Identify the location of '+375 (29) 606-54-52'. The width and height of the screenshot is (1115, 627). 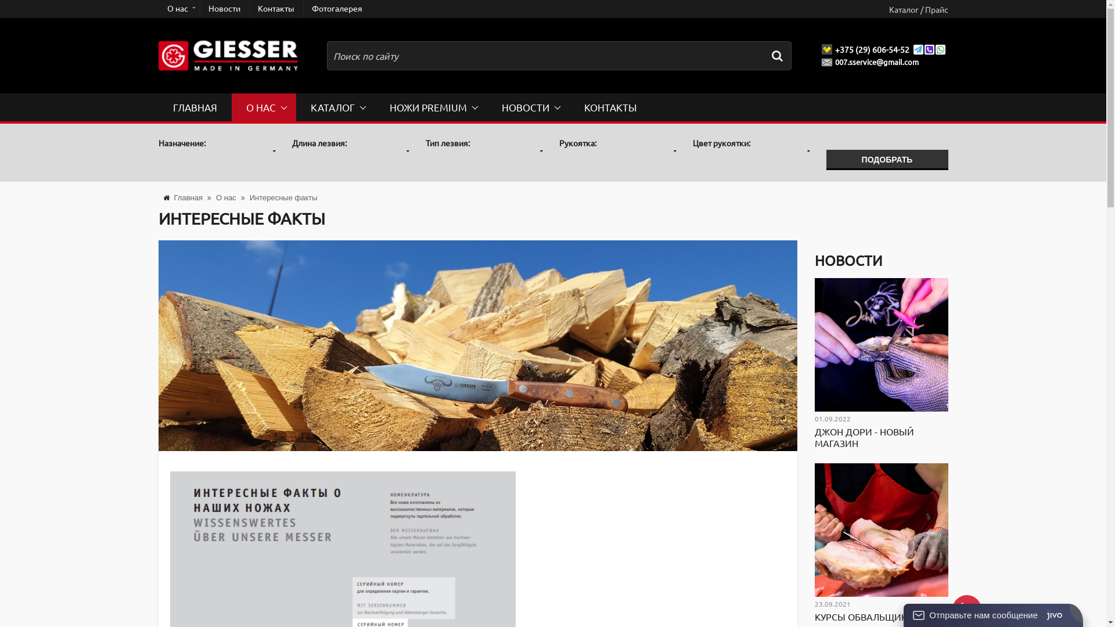
(873, 48).